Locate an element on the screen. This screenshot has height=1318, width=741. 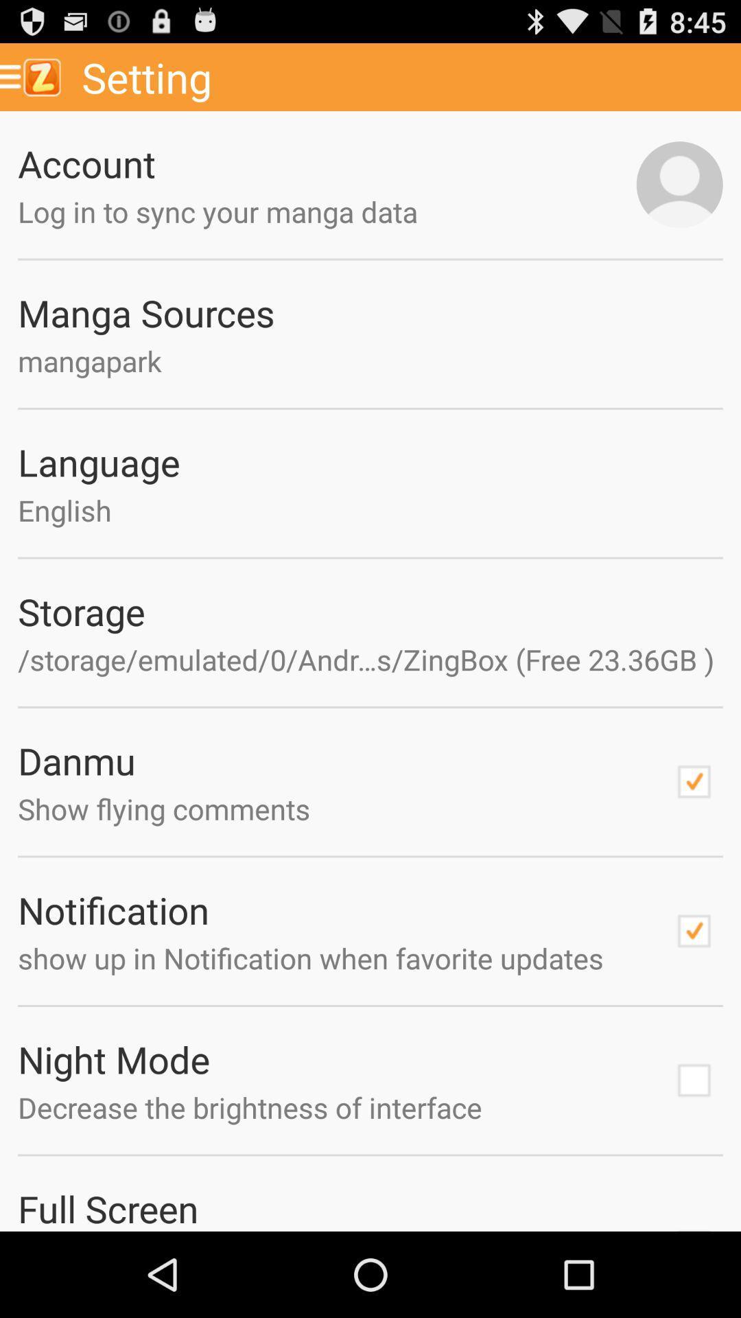
change your avatar is located at coordinates (679, 184).